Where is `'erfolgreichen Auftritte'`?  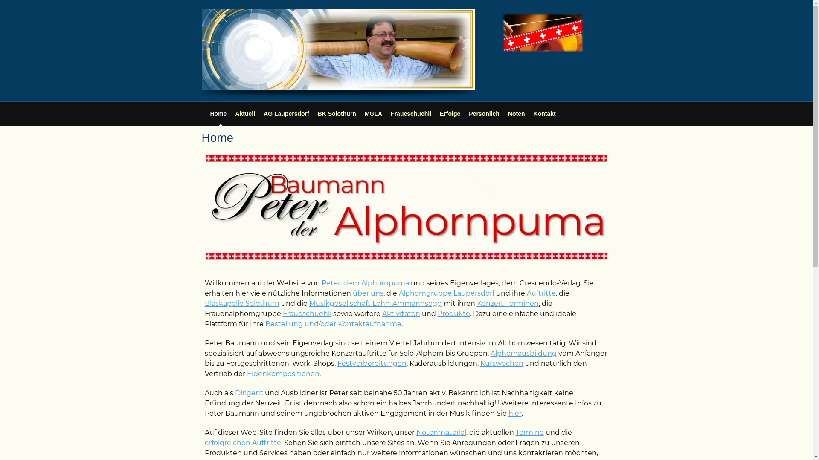
'erfolgreichen Auftritte' is located at coordinates (242, 442).